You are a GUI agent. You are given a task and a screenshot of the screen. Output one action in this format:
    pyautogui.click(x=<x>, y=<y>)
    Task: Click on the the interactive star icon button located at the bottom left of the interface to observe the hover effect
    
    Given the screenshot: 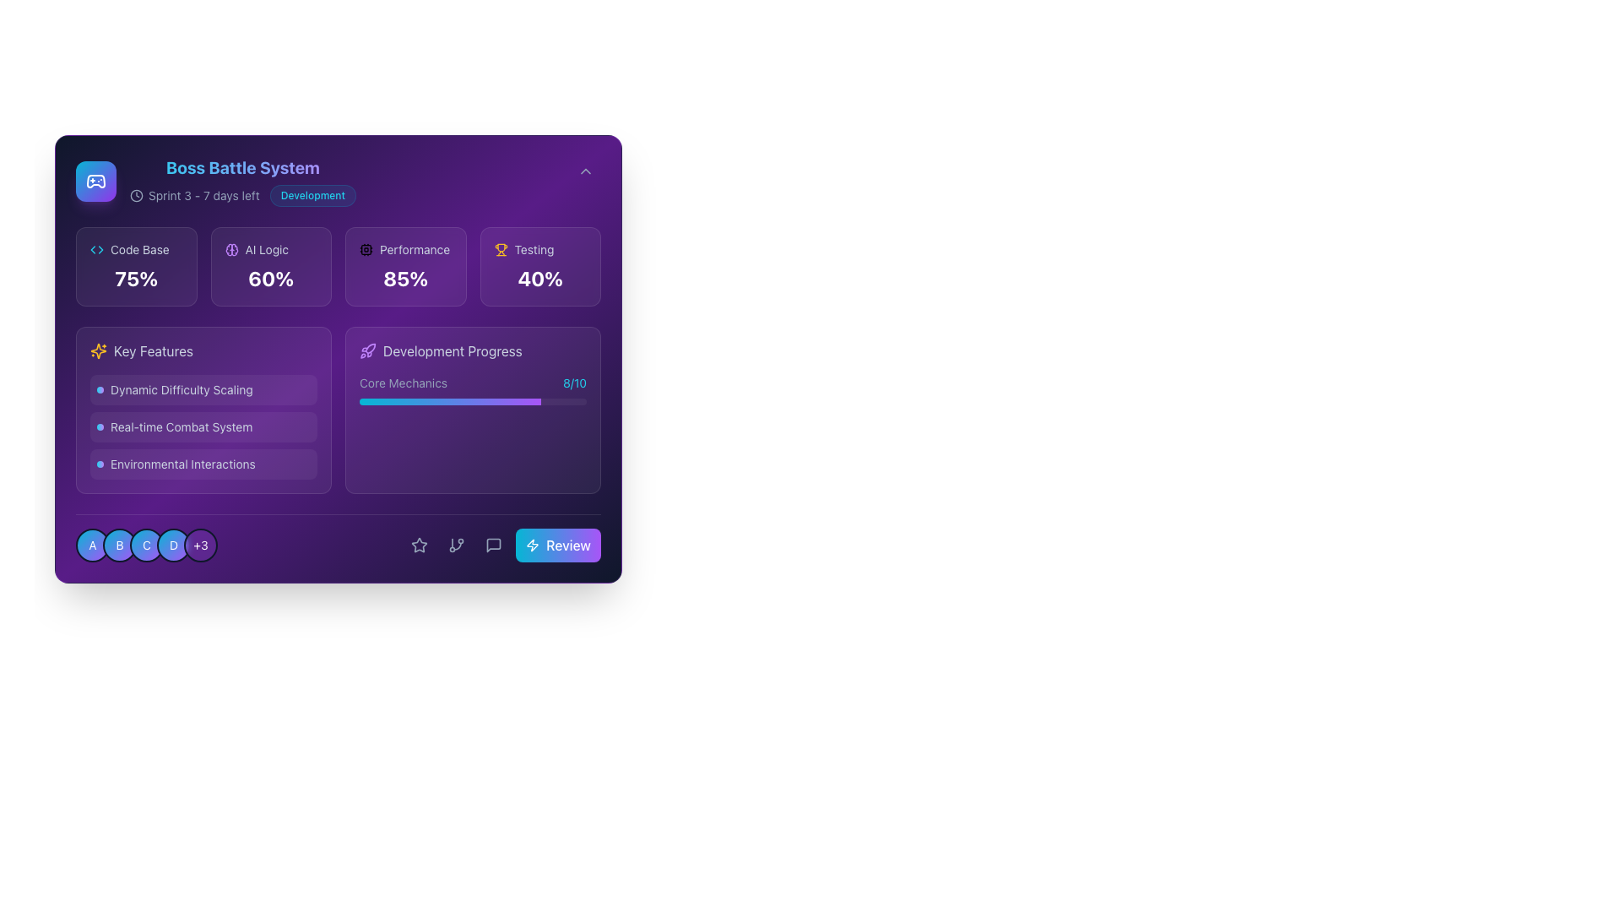 What is the action you would take?
    pyautogui.click(x=420, y=545)
    